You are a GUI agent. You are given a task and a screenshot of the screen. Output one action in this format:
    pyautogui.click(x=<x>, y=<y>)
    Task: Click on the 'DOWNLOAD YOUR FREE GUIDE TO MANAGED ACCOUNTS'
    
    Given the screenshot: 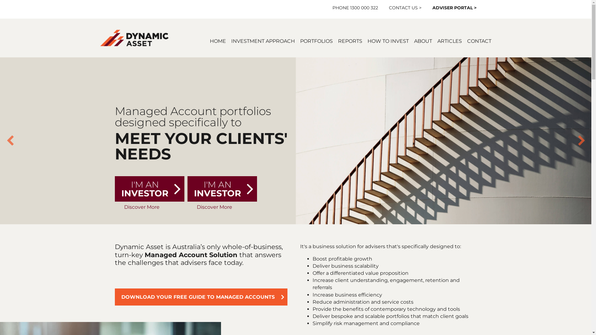 What is the action you would take?
    pyautogui.click(x=201, y=297)
    